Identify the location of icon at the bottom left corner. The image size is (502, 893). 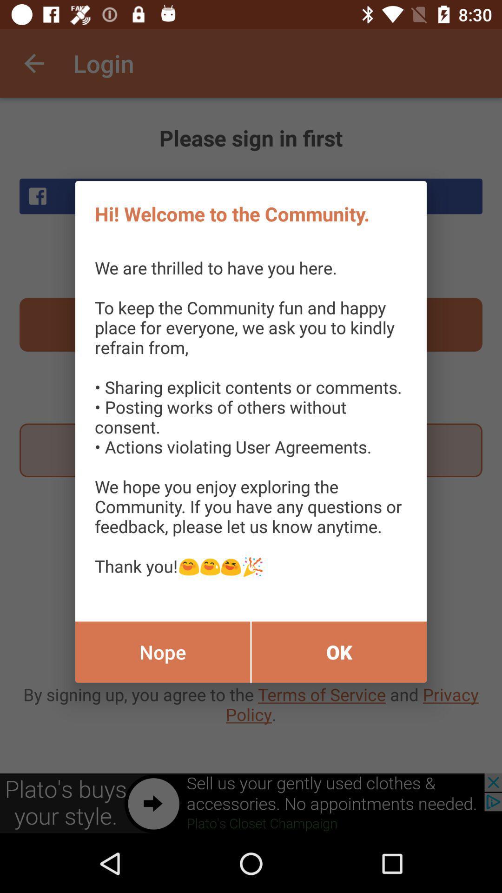
(162, 652).